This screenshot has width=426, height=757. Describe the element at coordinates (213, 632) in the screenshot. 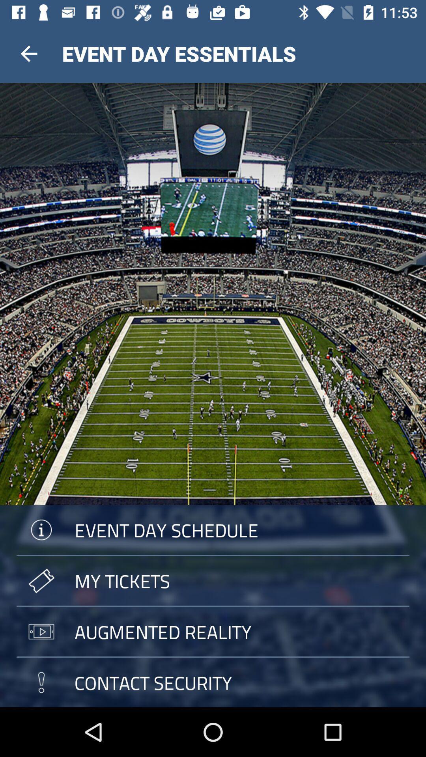

I see `the augmented reality item` at that location.